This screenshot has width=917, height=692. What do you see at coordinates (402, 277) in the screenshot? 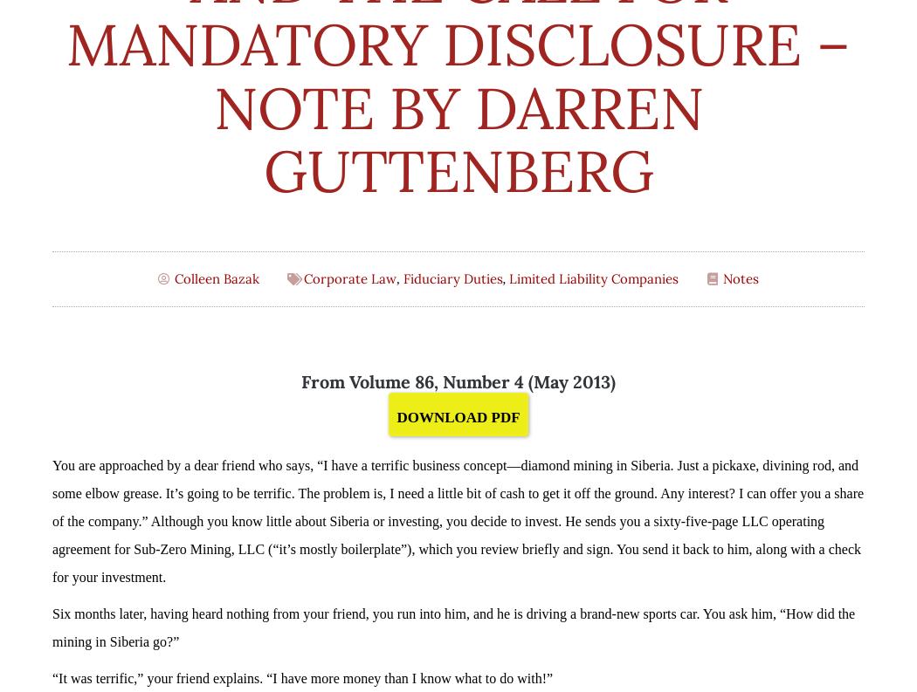
I see `'Fiduciary Duties'` at bounding box center [402, 277].